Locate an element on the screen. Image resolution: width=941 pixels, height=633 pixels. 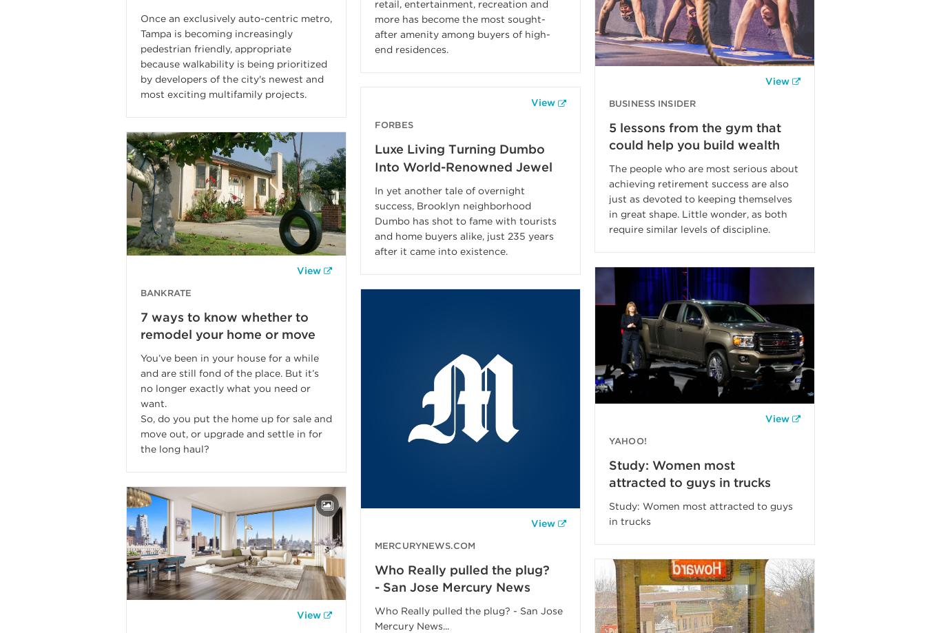
'Luxe Living Turning Dumbo Into World-Renowned Jewel' is located at coordinates (463, 158).